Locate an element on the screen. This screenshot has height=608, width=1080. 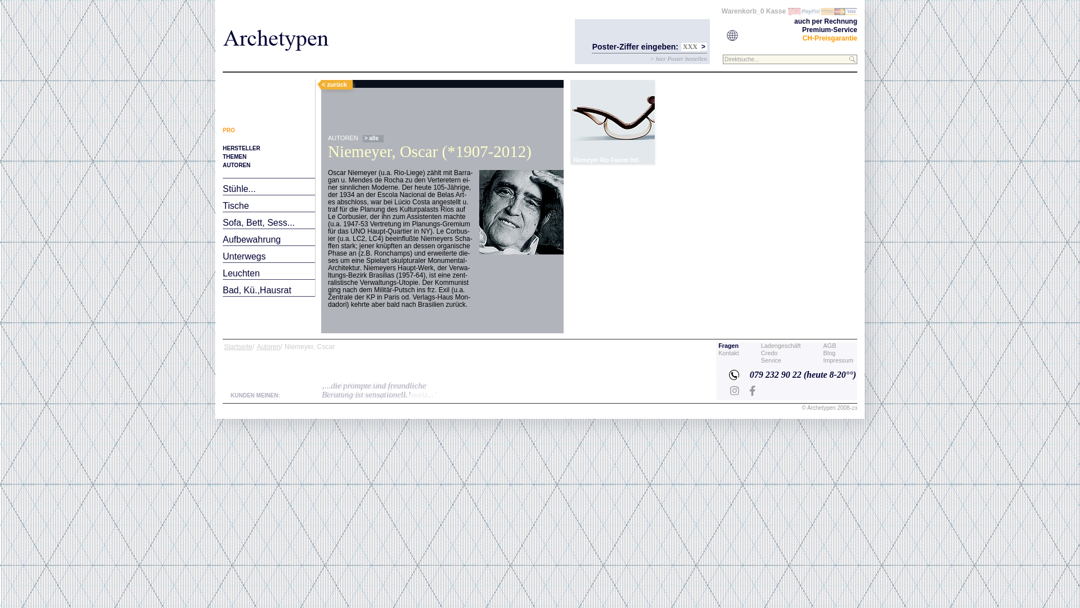
'L2' is located at coordinates (607, 118).